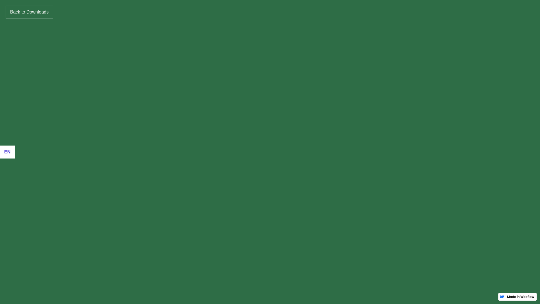  What do you see at coordinates (29, 12) in the screenshot?
I see `'Back to Downloads'` at bounding box center [29, 12].